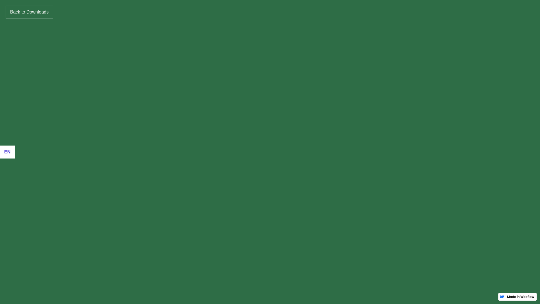  What do you see at coordinates (29, 12) in the screenshot?
I see `'Back to Downloads'` at bounding box center [29, 12].